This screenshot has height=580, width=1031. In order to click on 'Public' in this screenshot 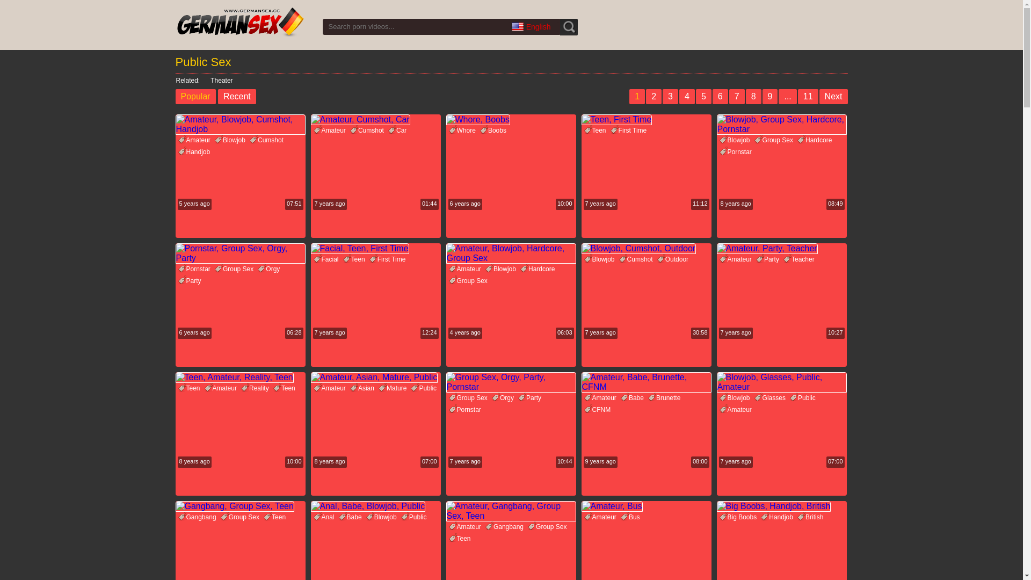, I will do `click(410, 388)`.